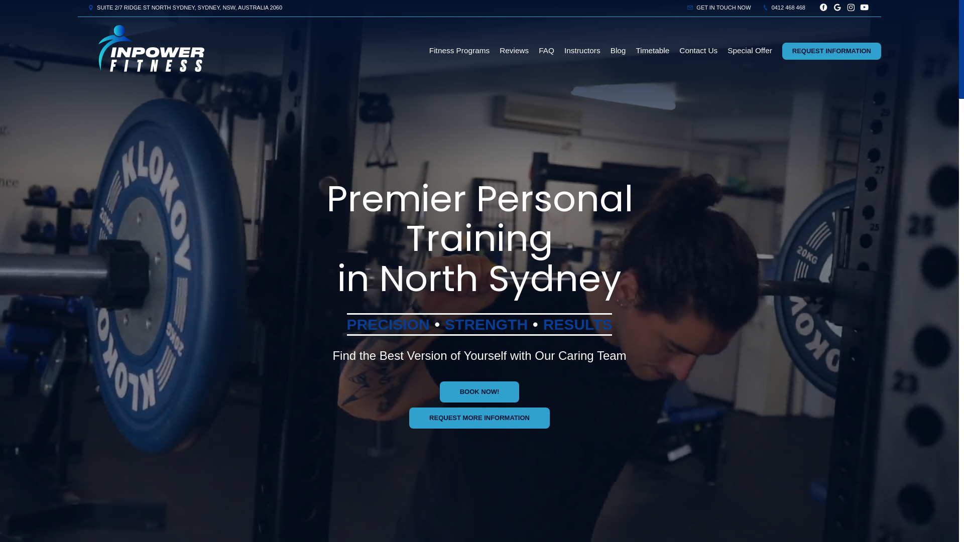  I want to click on 'Timetable', so click(652, 50).